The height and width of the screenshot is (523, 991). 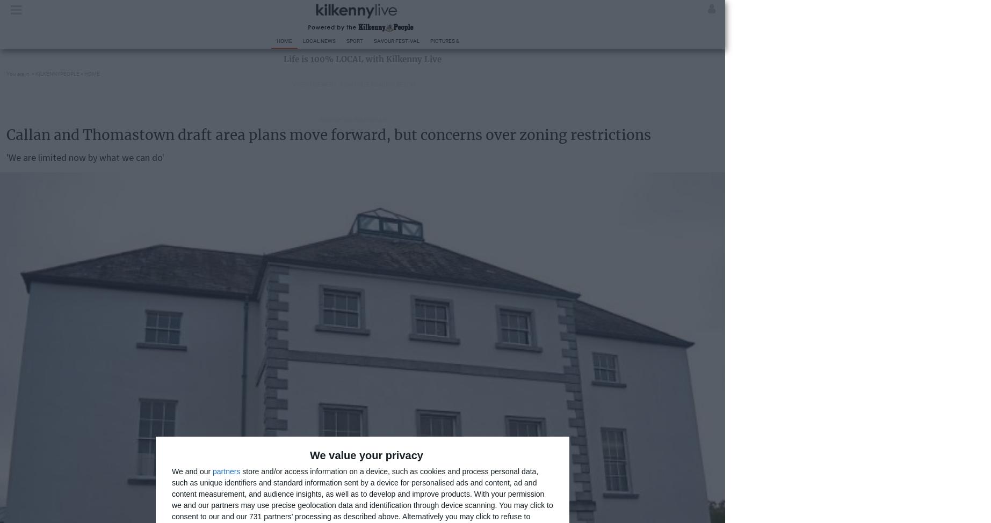 What do you see at coordinates (353, 84) in the screenshot?
I see `'ADVERTISEMENT - CONTINUE READING BELOW'` at bounding box center [353, 84].